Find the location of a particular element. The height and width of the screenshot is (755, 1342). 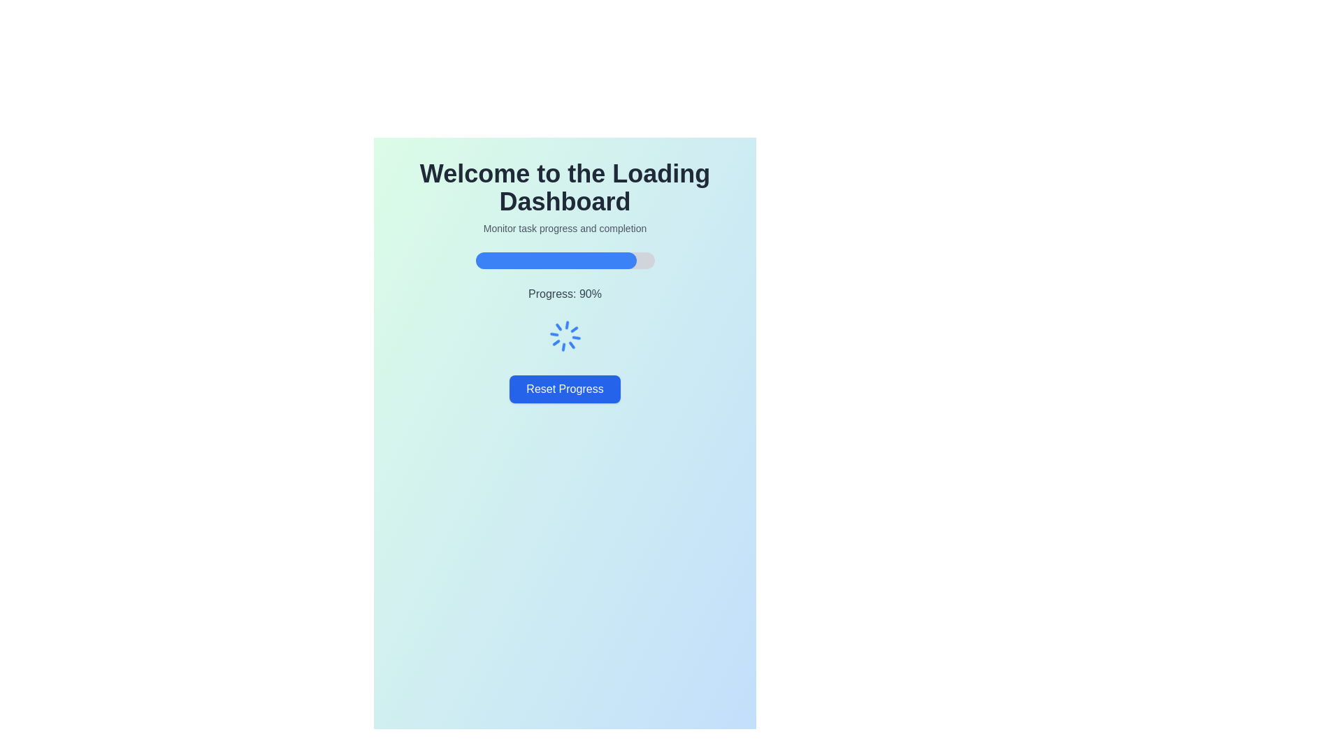

the blue button labeled 'Reset Progress' that is located below the progress bar and spinning loader icon to observe any hover effects is located at coordinates (565, 389).